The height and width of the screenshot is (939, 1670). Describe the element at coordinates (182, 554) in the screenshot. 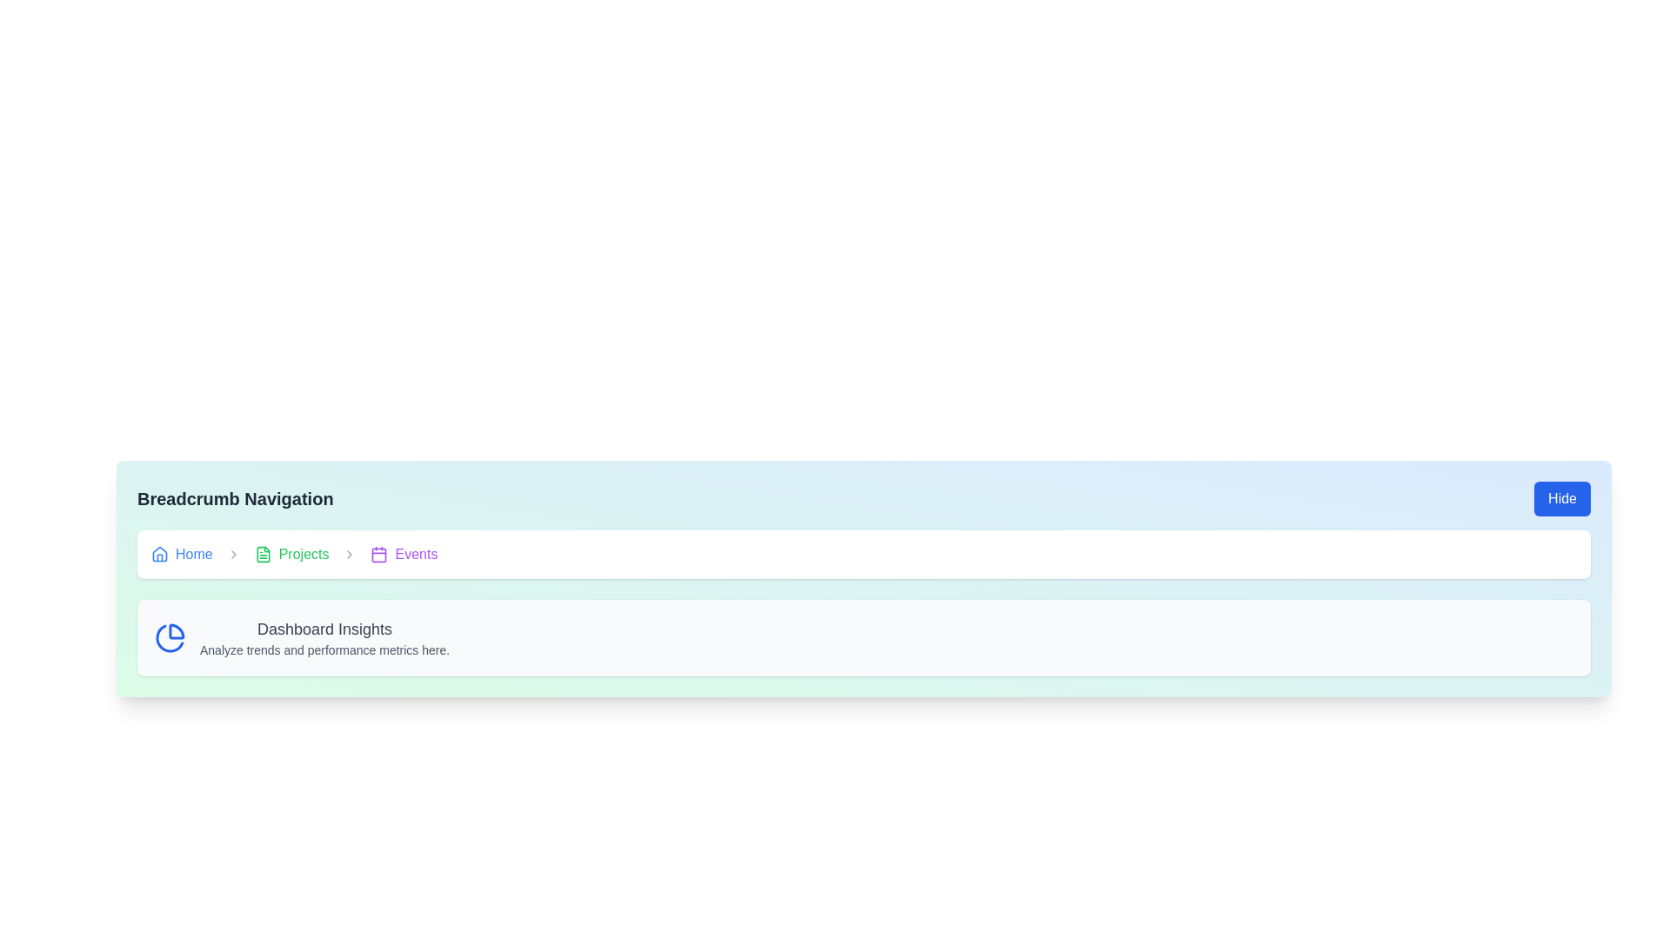

I see `the 'Home' breadcrumb link which is the first item in the navigation bar, styled with a blue font color and a house icon` at that location.